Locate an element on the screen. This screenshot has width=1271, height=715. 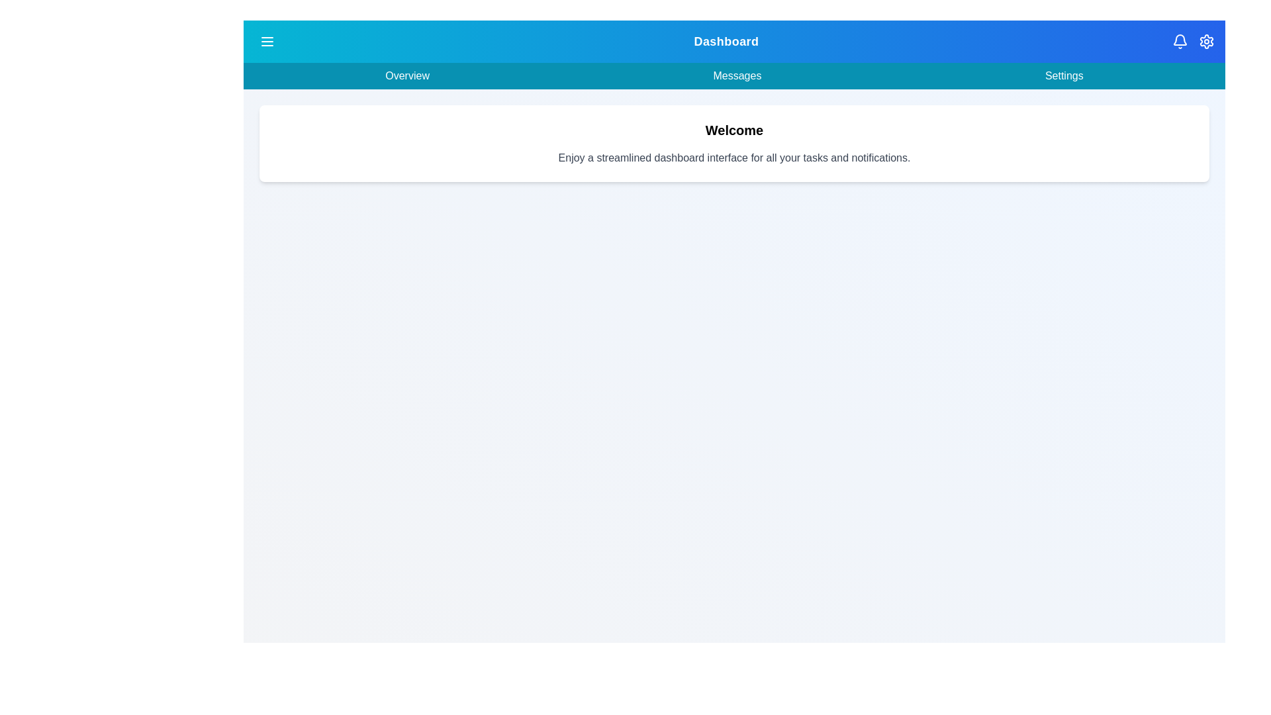
the notification bell icon is located at coordinates (1180, 40).